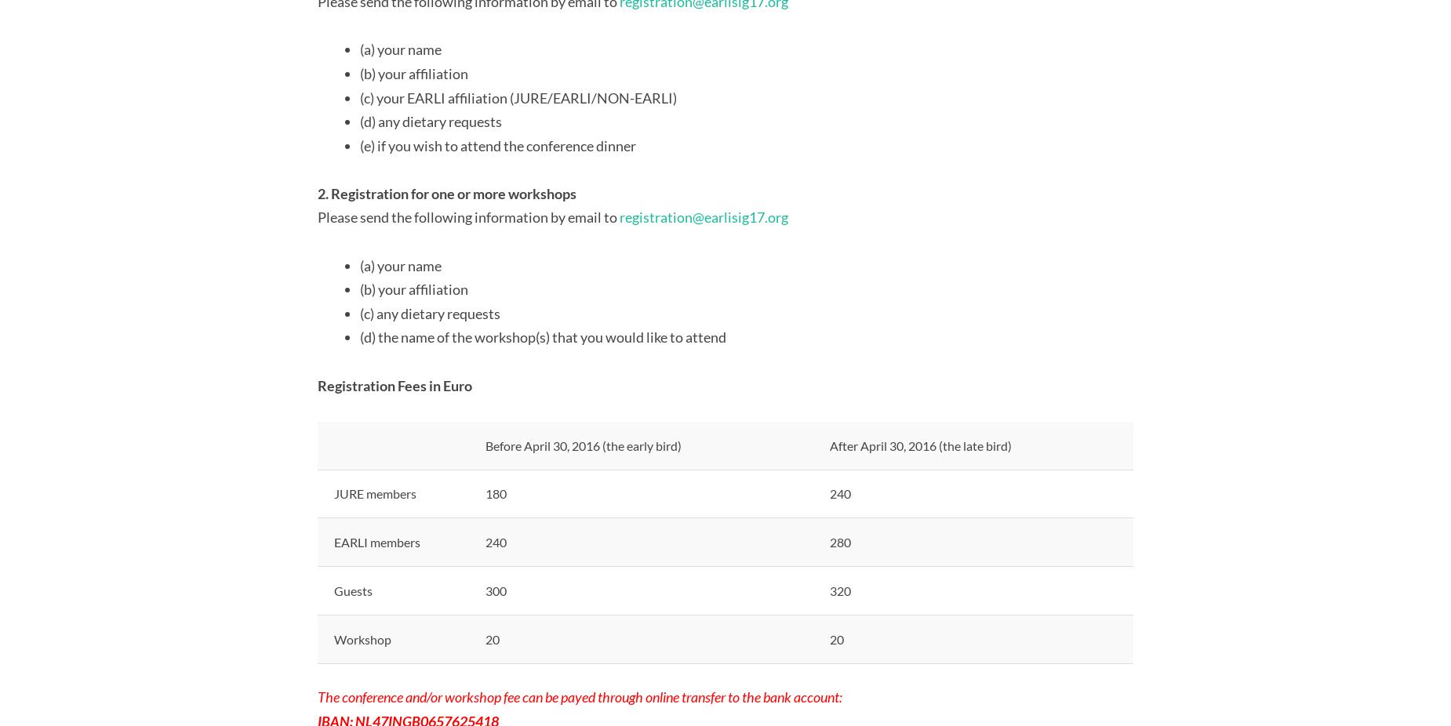  What do you see at coordinates (374, 492) in the screenshot?
I see `'JURE members'` at bounding box center [374, 492].